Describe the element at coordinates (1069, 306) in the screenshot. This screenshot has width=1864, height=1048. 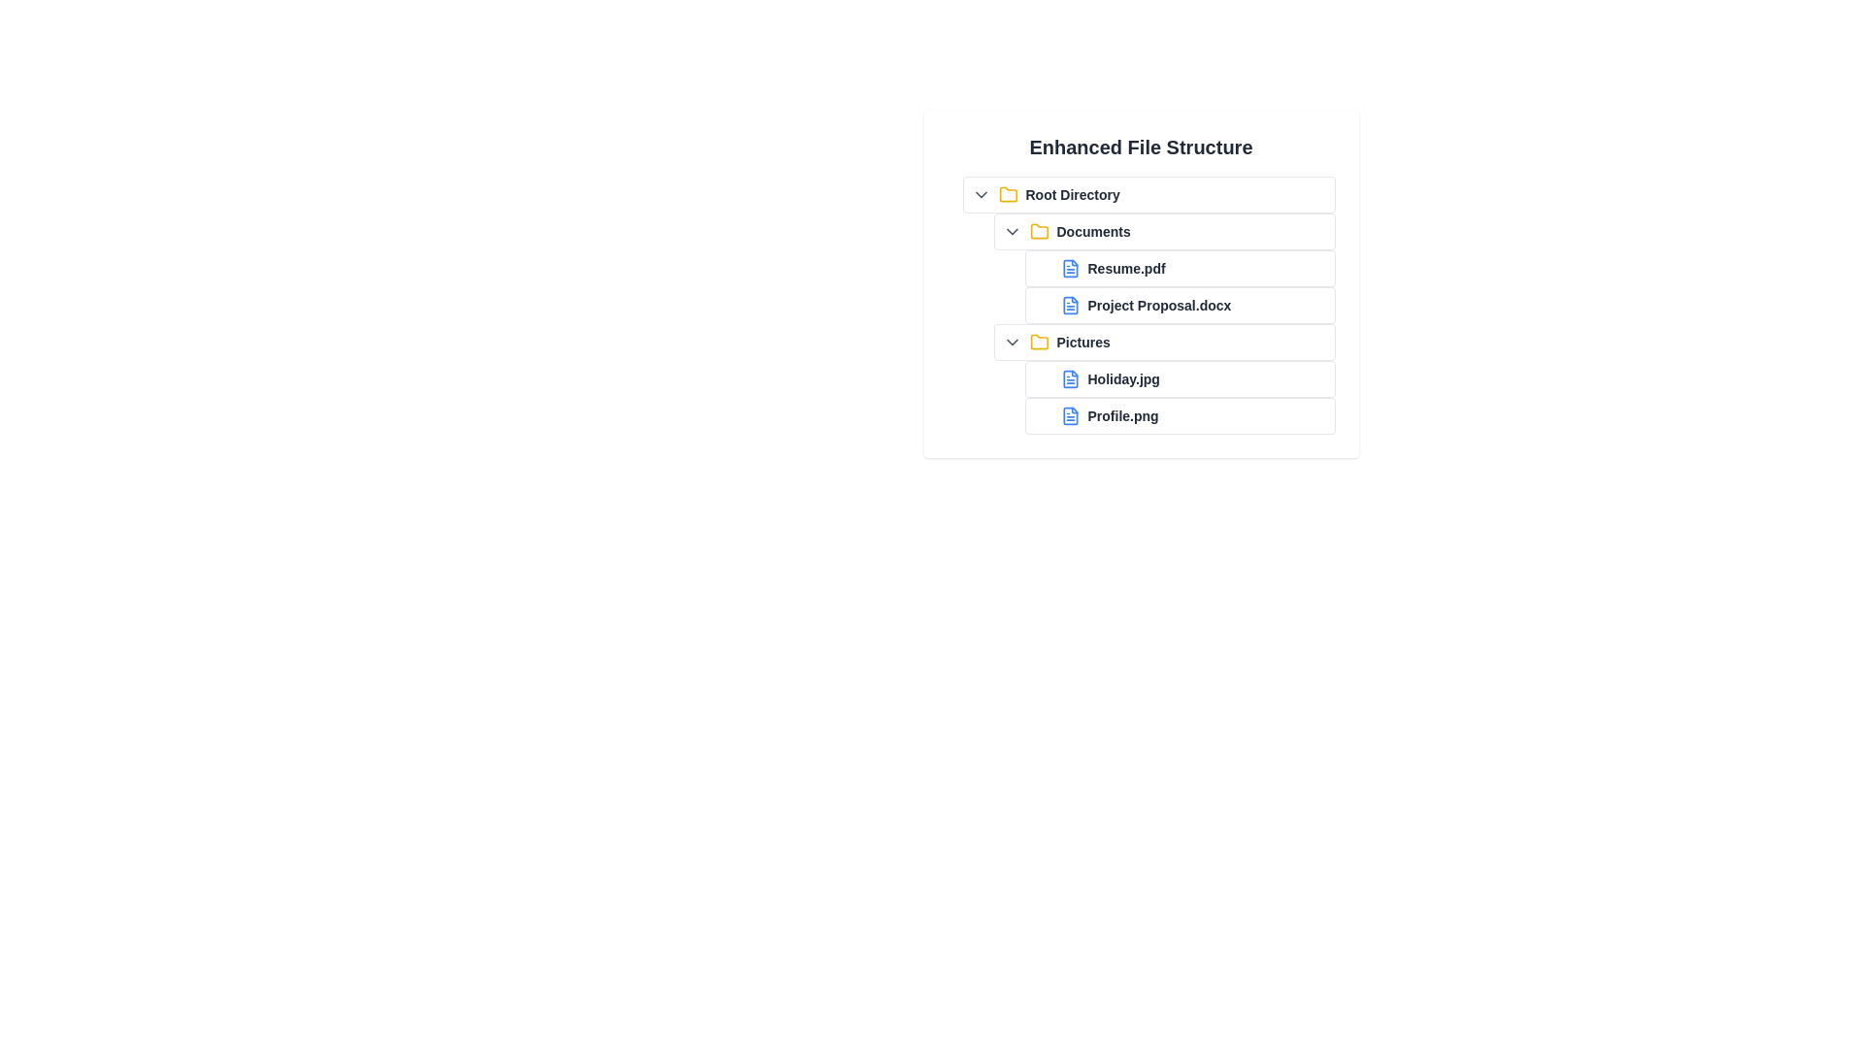
I see `the Icon element representing a document file type, located directly to the left of the 'Project Proposal.docx' text element in the 'Documents' section` at that location.